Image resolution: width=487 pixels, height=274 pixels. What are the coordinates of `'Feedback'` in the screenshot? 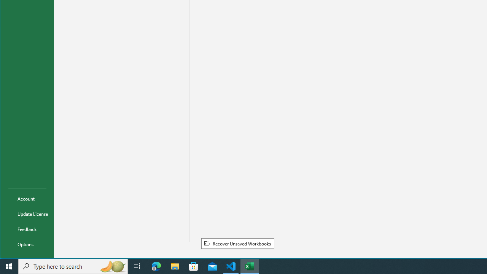 It's located at (27, 228).